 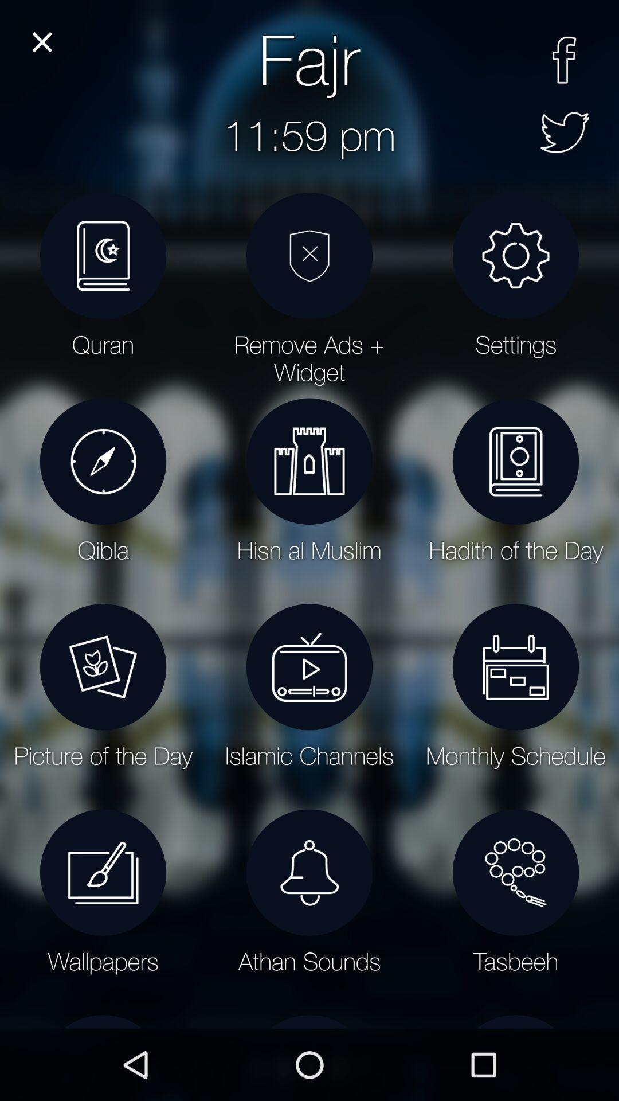 I want to click on the twitter icon, so click(x=564, y=132).